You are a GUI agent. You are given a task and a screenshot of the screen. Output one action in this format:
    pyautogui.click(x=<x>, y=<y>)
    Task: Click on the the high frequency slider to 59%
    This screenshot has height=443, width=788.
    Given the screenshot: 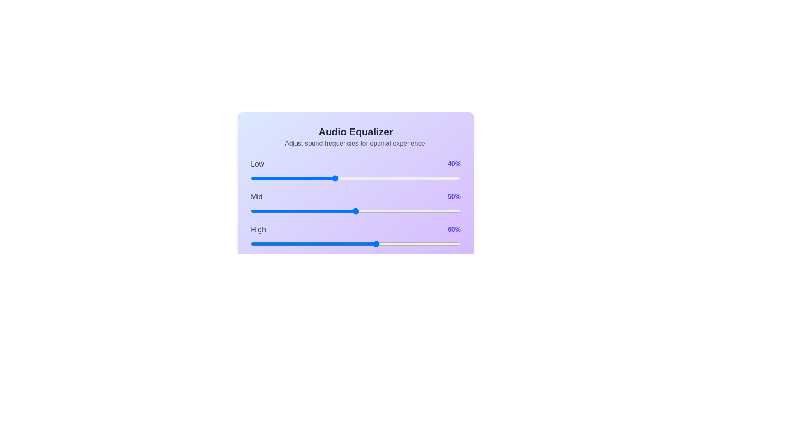 What is the action you would take?
    pyautogui.click(x=374, y=243)
    